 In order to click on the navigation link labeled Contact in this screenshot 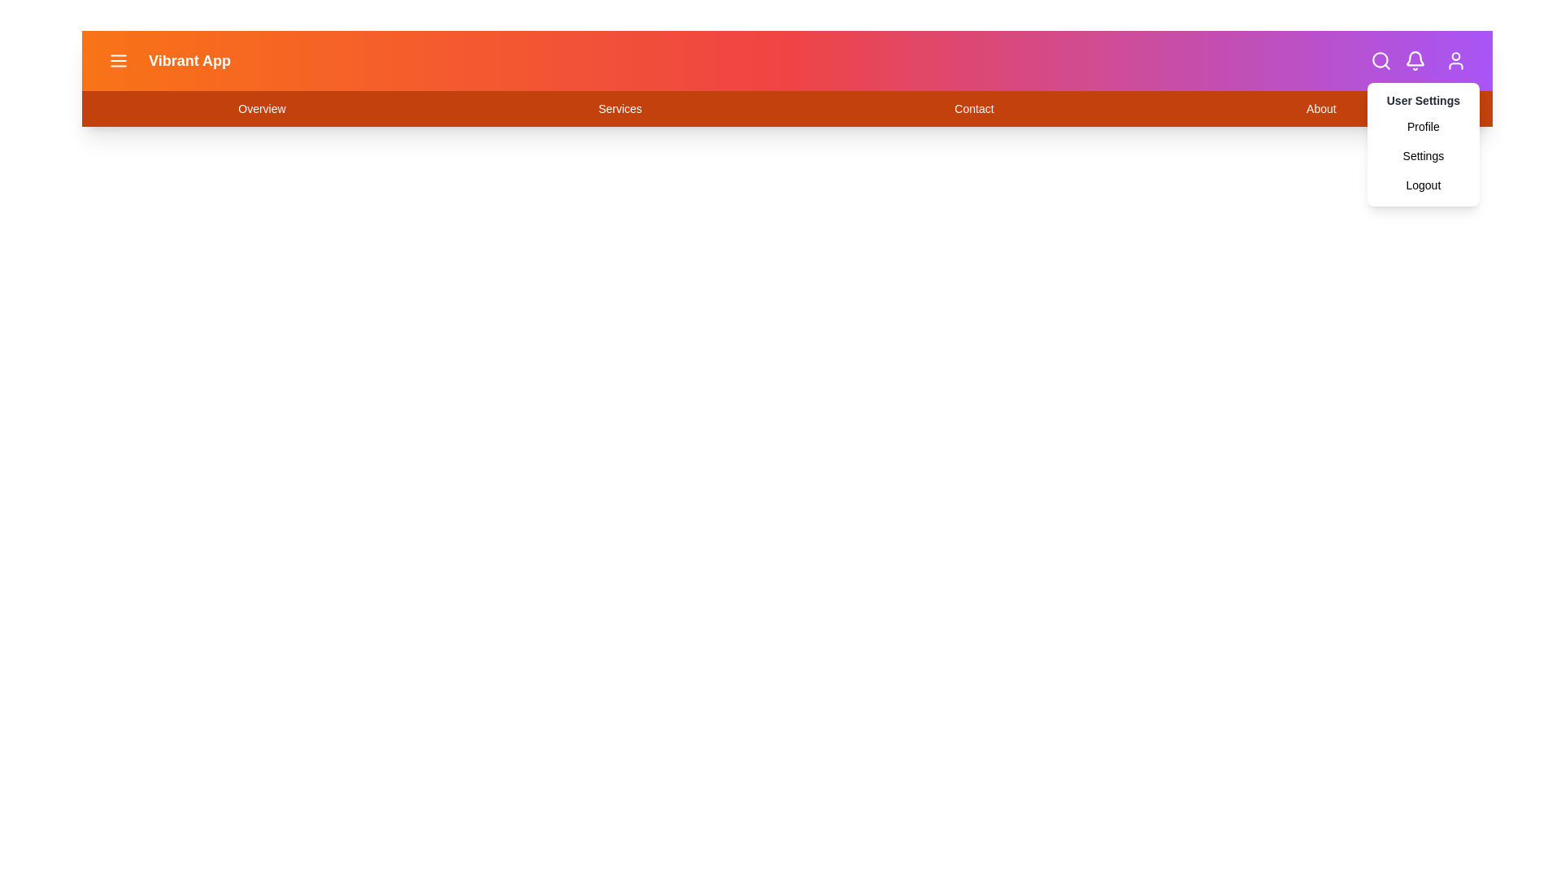, I will do `click(974, 109)`.